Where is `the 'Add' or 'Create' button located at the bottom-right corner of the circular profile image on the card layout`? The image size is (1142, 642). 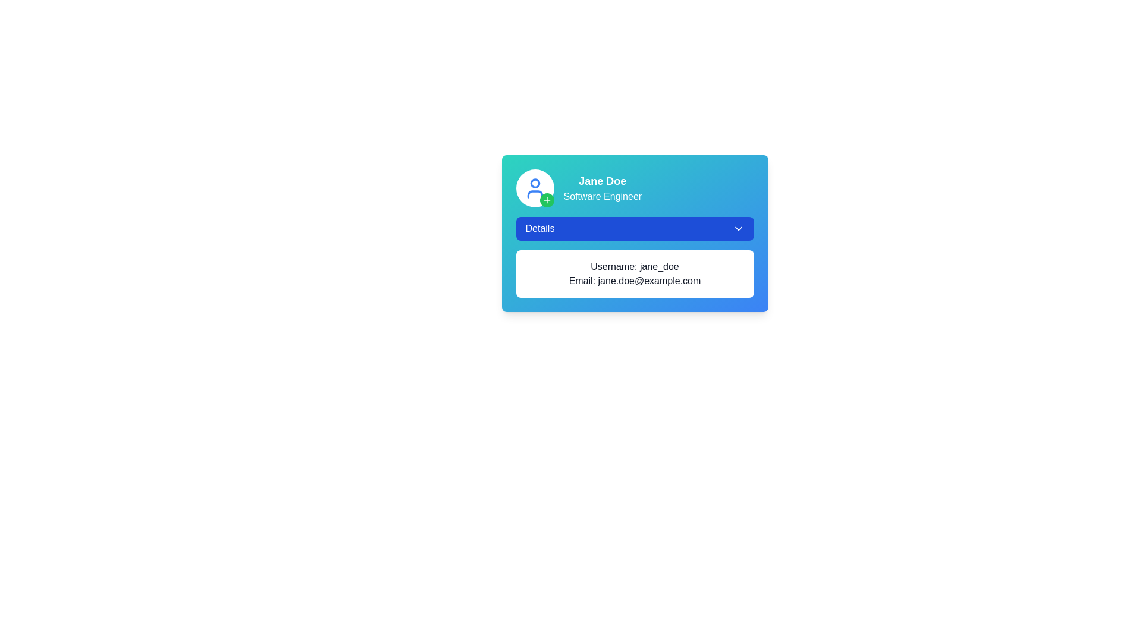
the 'Add' or 'Create' button located at the bottom-right corner of the circular profile image on the card layout is located at coordinates (546, 199).